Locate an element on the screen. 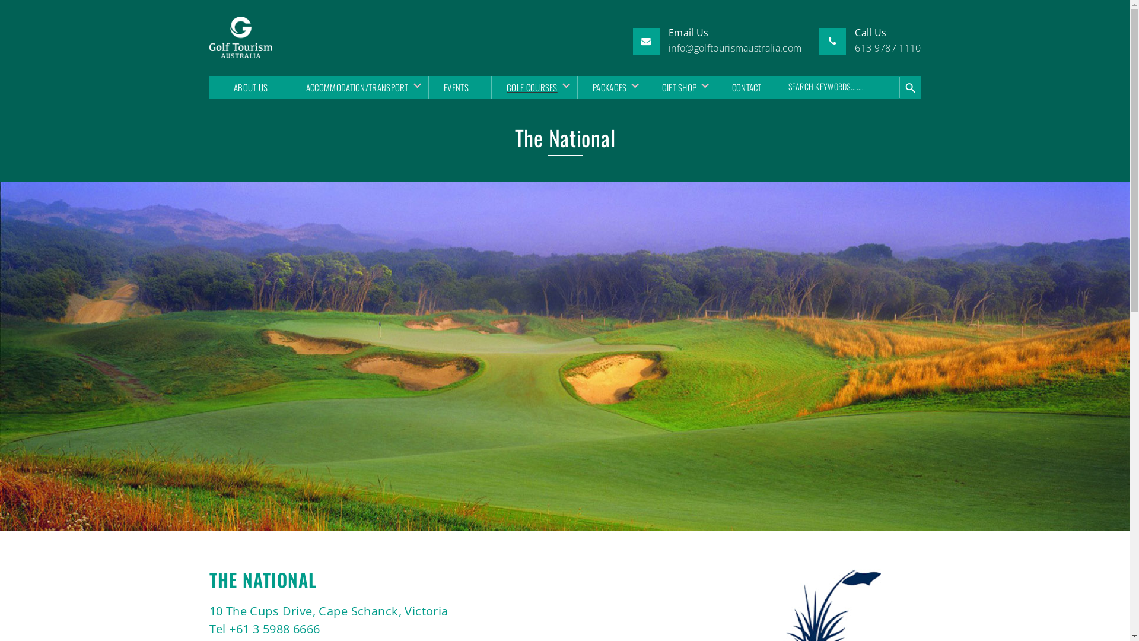  'GOLF COURSES' is located at coordinates (491, 86).